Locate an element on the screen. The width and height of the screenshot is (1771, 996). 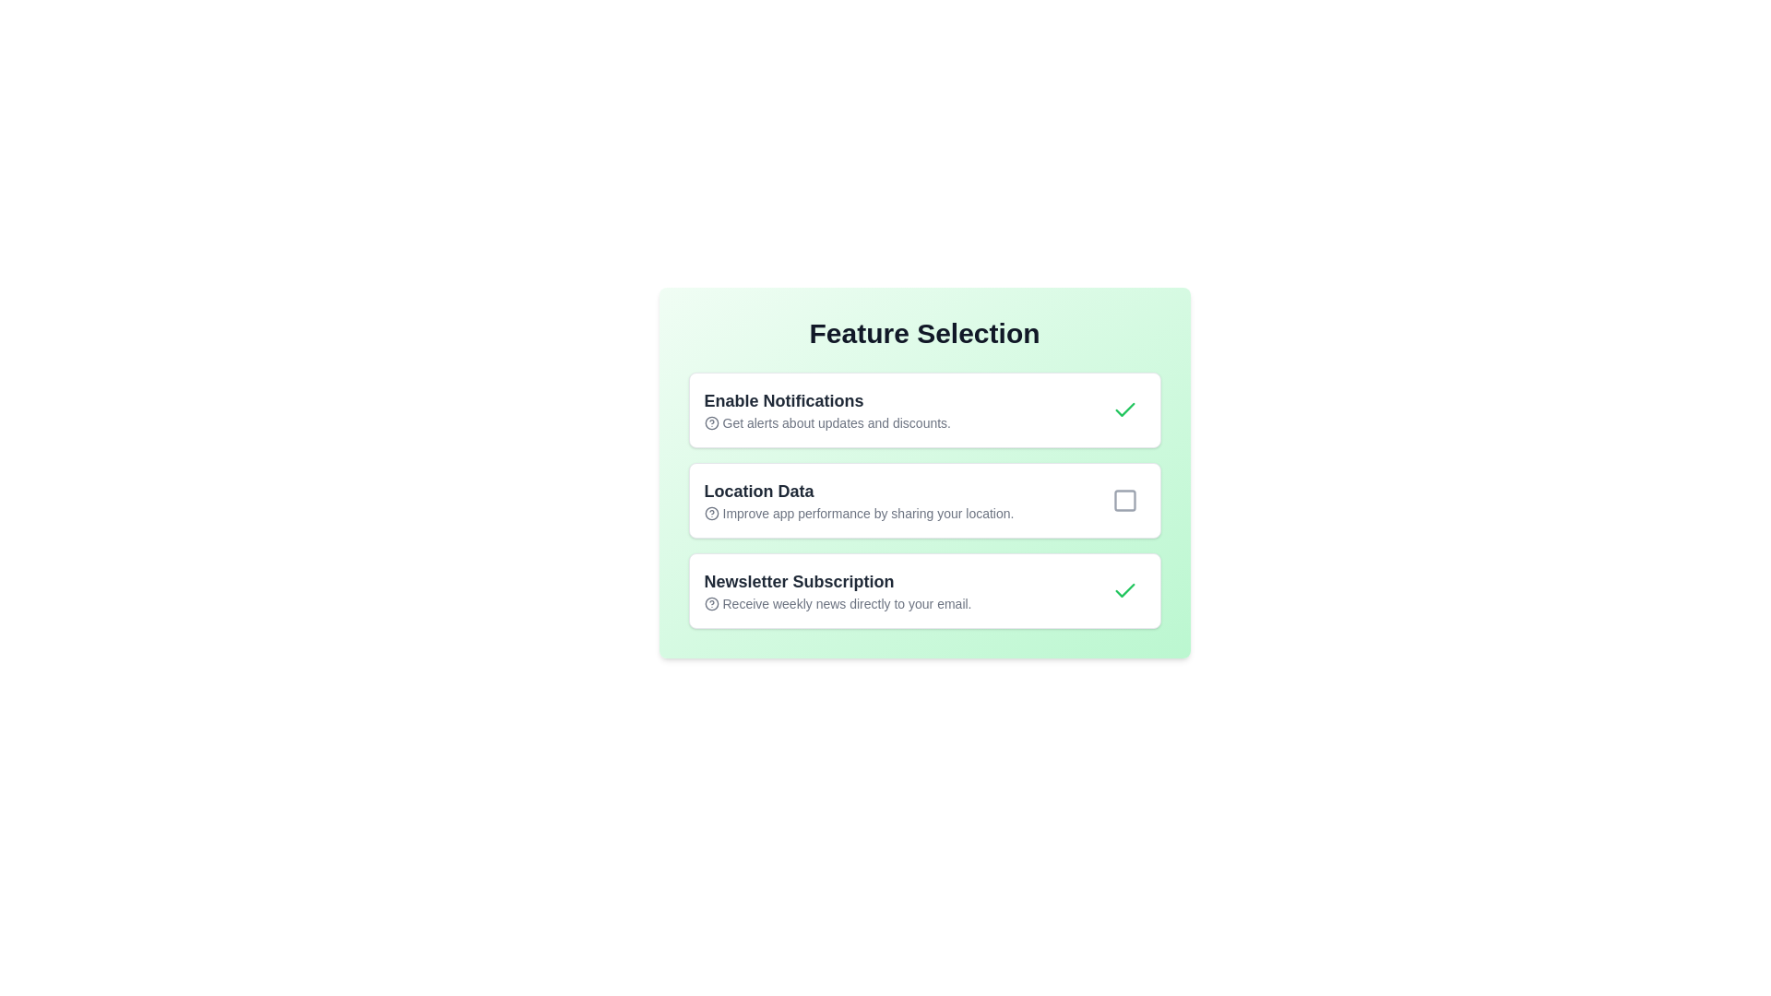
the Inline Text with Icon that says 'Get alerts about updates and discounts', located directly below the header 'Enable Notifications' is located at coordinates (826, 423).